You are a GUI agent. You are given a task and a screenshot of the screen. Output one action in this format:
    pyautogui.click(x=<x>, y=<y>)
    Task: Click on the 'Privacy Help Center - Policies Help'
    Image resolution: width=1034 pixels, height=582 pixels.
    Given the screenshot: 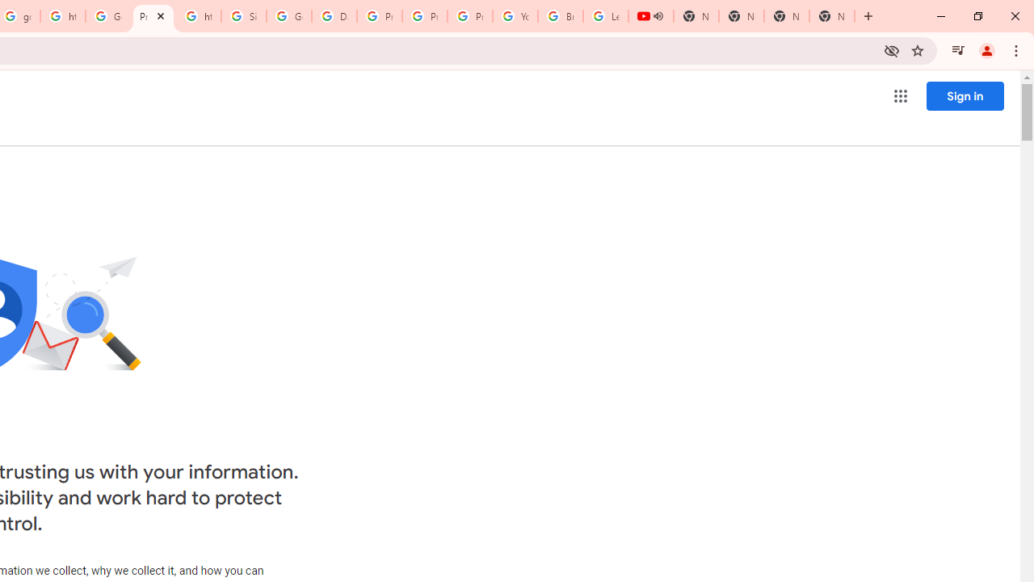 What is the action you would take?
    pyautogui.click(x=425, y=16)
    